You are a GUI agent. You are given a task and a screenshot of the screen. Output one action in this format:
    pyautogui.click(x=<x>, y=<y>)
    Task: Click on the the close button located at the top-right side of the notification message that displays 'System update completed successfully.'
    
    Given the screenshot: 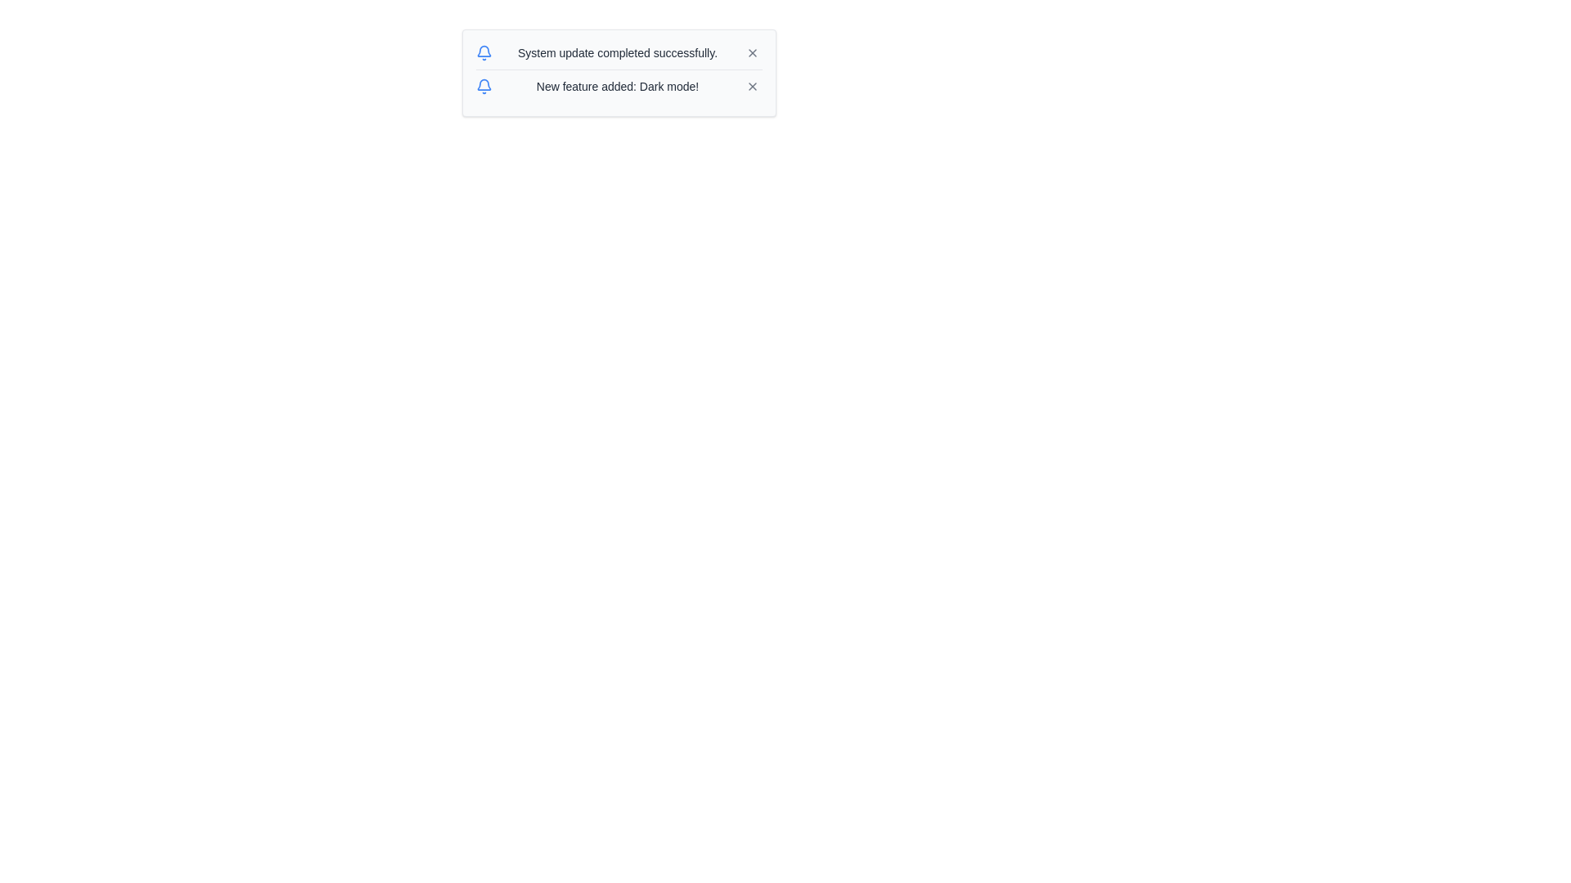 What is the action you would take?
    pyautogui.click(x=752, y=52)
    